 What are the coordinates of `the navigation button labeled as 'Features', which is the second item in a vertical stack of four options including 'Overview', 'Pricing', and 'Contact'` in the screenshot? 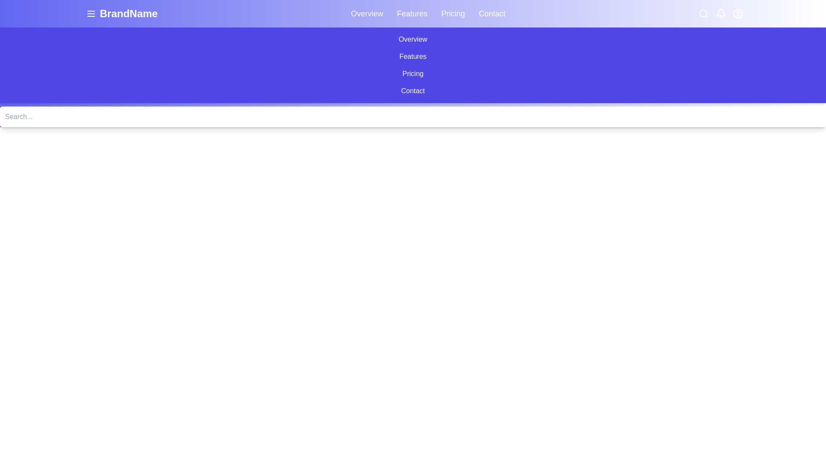 It's located at (413, 56).